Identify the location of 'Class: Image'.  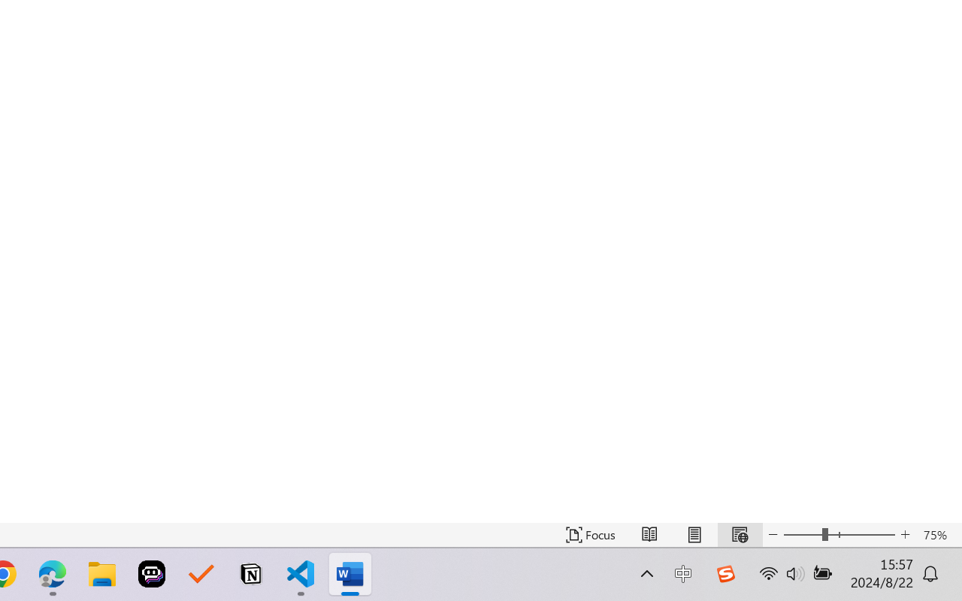
(725, 574).